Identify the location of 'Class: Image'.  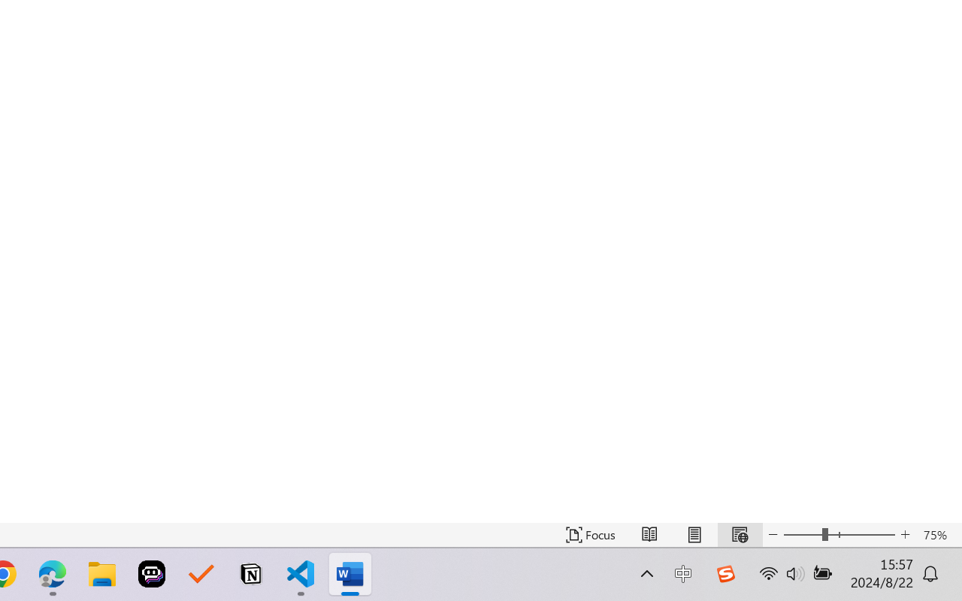
(725, 574).